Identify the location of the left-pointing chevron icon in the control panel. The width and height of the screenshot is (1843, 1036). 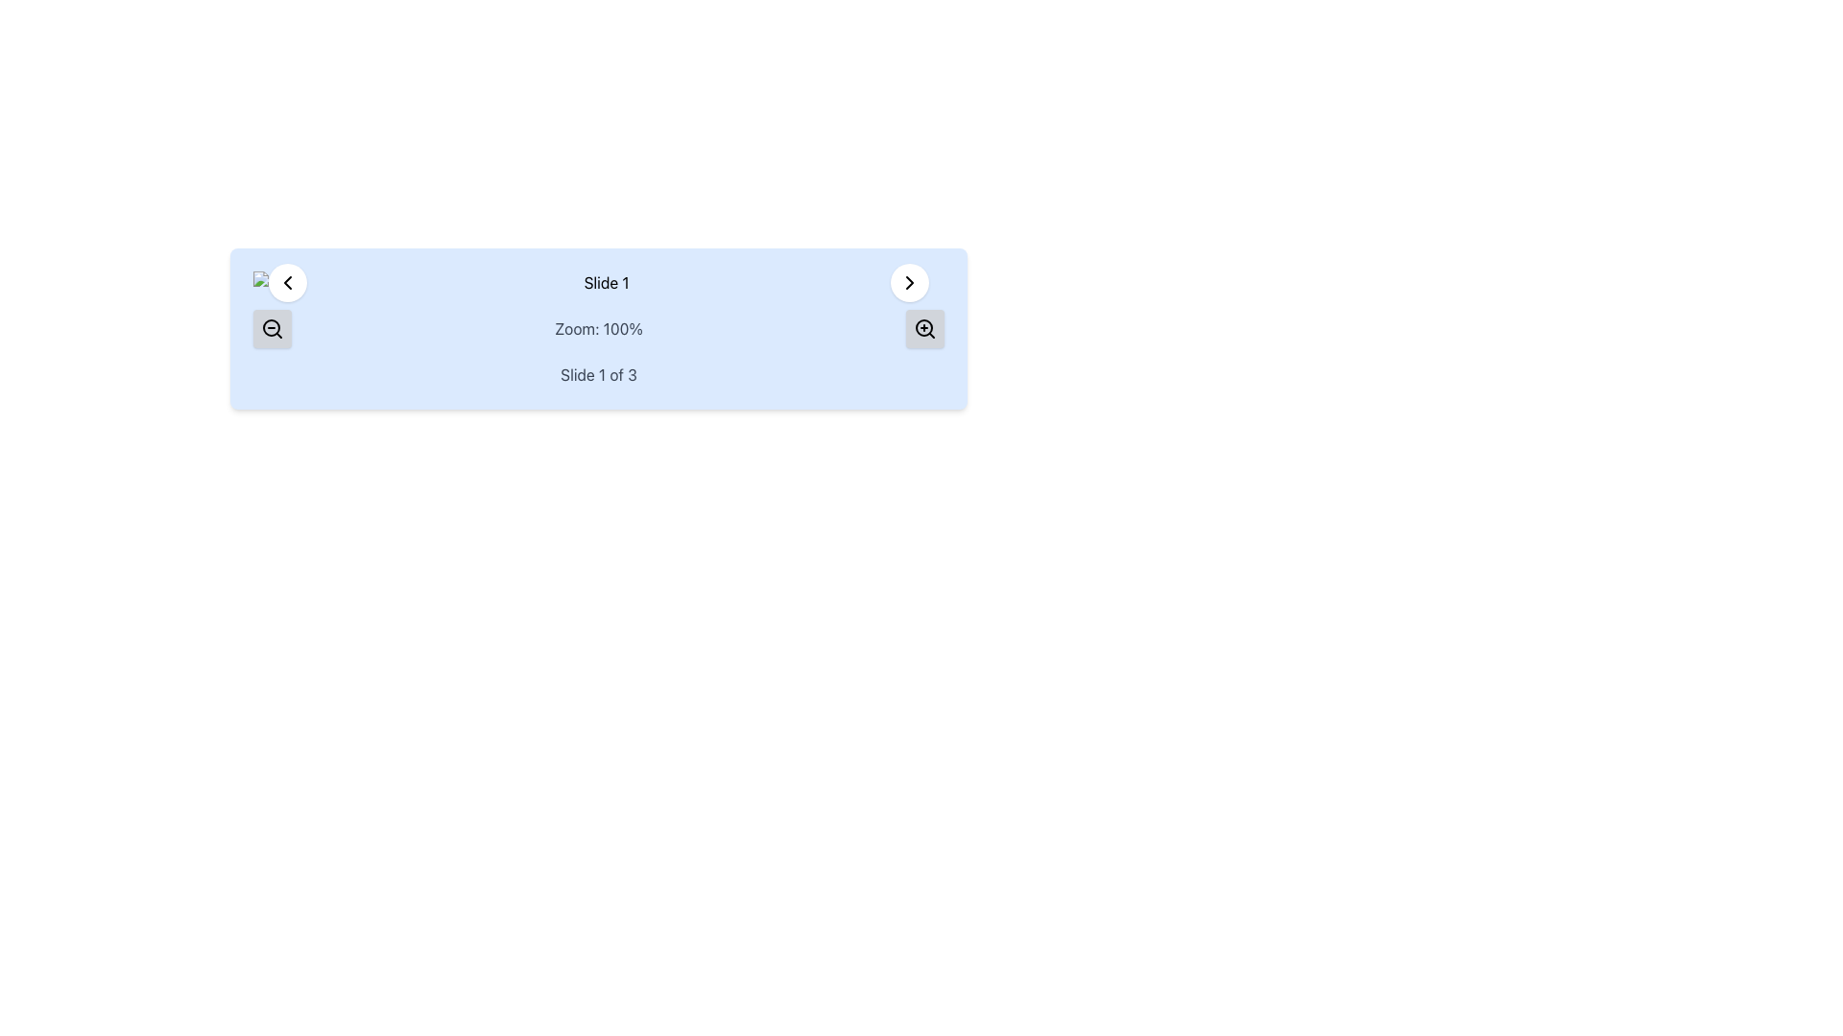
(286, 282).